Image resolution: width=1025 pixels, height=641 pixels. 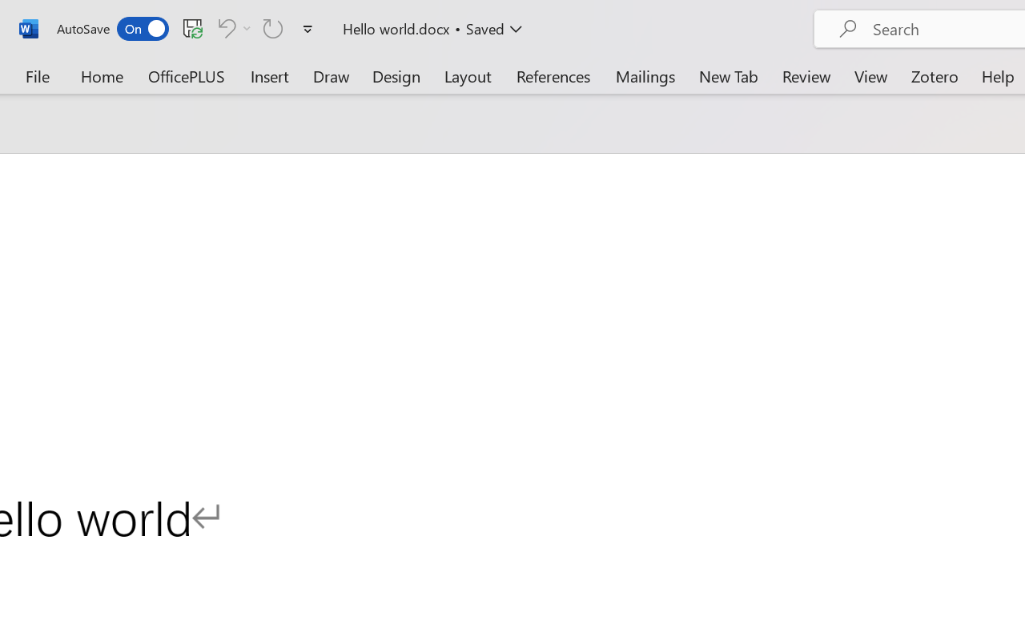 What do you see at coordinates (37, 75) in the screenshot?
I see `'File Tab'` at bounding box center [37, 75].